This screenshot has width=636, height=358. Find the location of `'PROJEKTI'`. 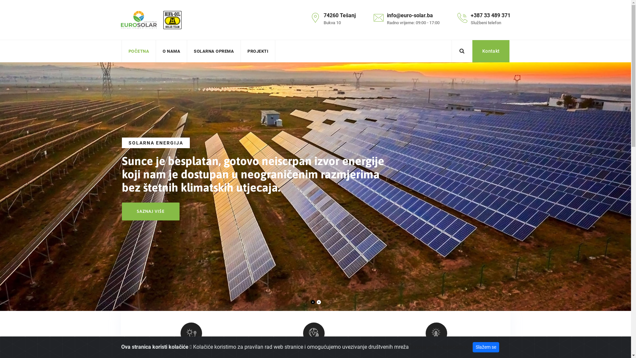

'PROJEKTI' is located at coordinates (257, 51).